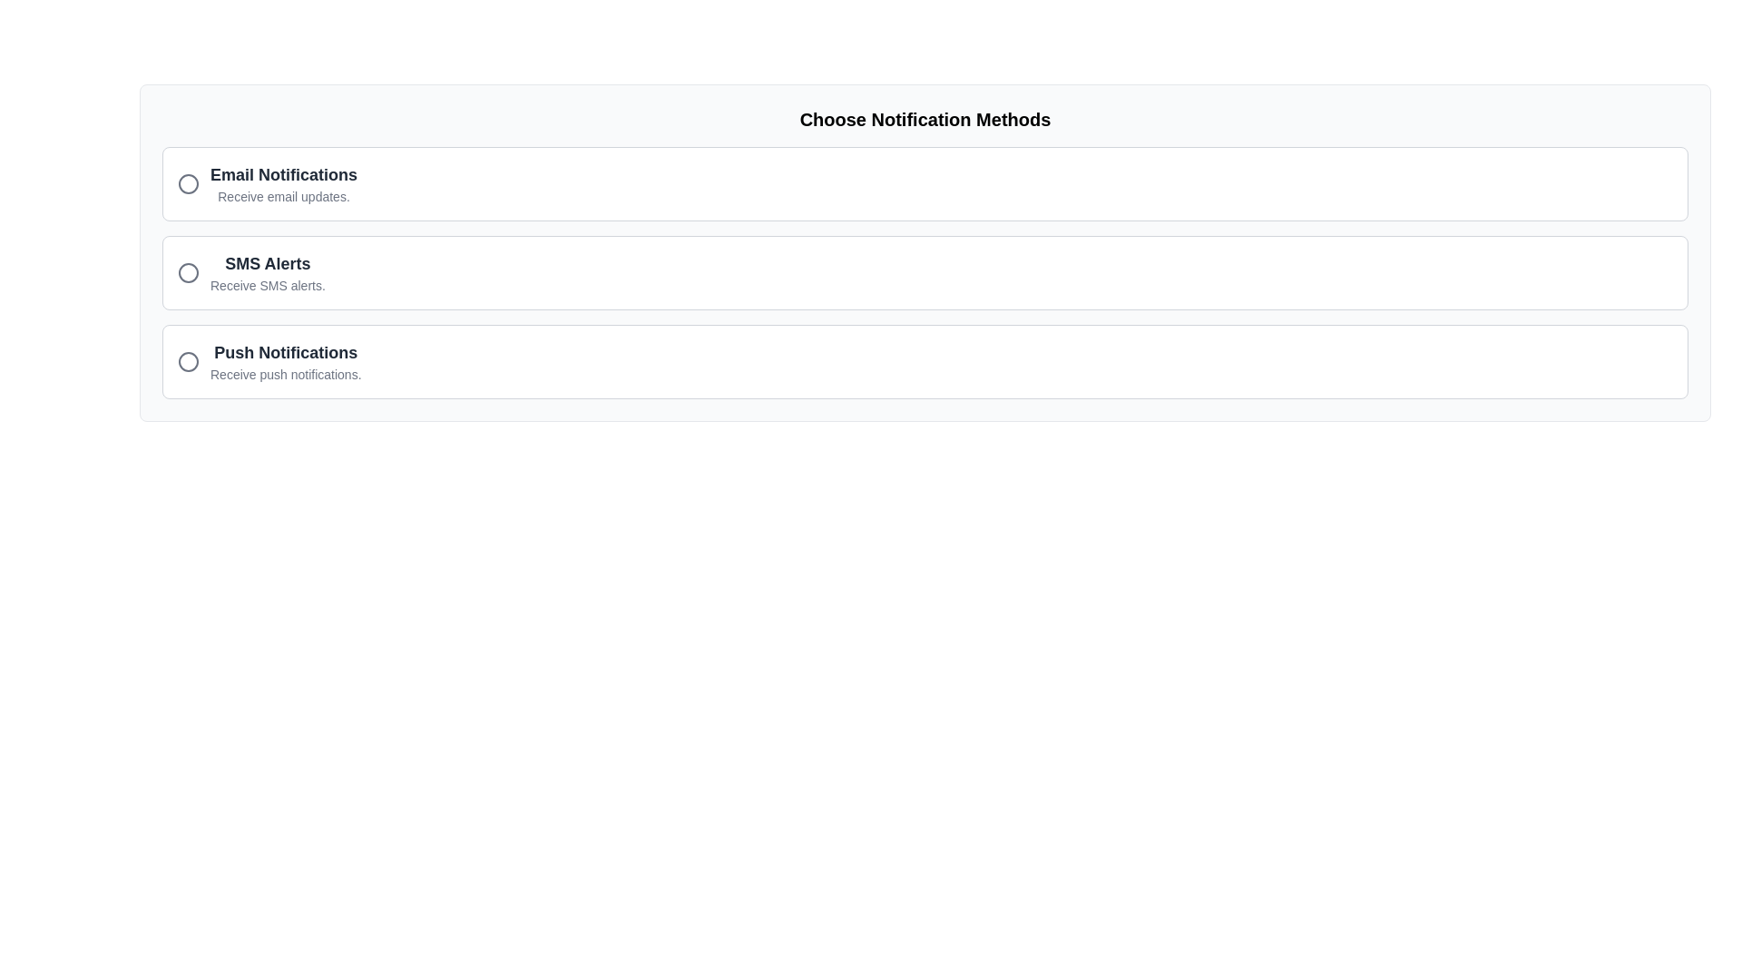 The height and width of the screenshot is (980, 1742). What do you see at coordinates (282, 174) in the screenshot?
I see `title text label for email notifications located above the 'Receive email updates.' text in the first section of the options list` at bounding box center [282, 174].